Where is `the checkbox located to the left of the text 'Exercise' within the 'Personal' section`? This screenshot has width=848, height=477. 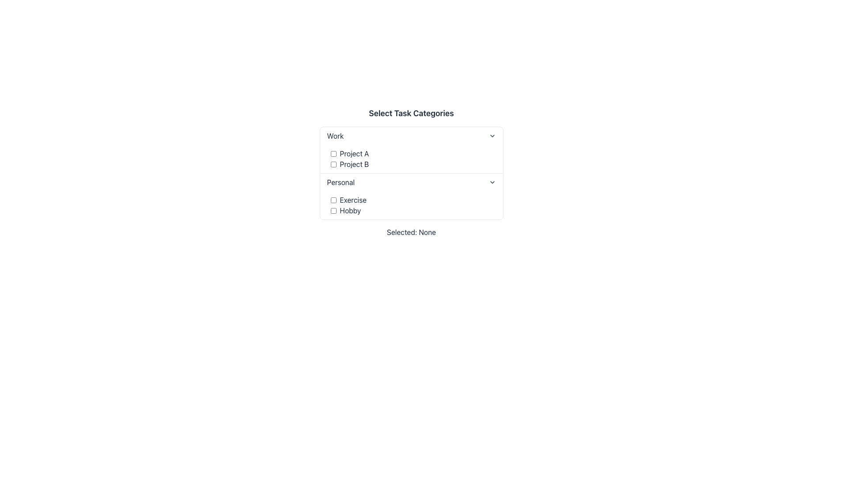 the checkbox located to the left of the text 'Exercise' within the 'Personal' section is located at coordinates (333, 200).